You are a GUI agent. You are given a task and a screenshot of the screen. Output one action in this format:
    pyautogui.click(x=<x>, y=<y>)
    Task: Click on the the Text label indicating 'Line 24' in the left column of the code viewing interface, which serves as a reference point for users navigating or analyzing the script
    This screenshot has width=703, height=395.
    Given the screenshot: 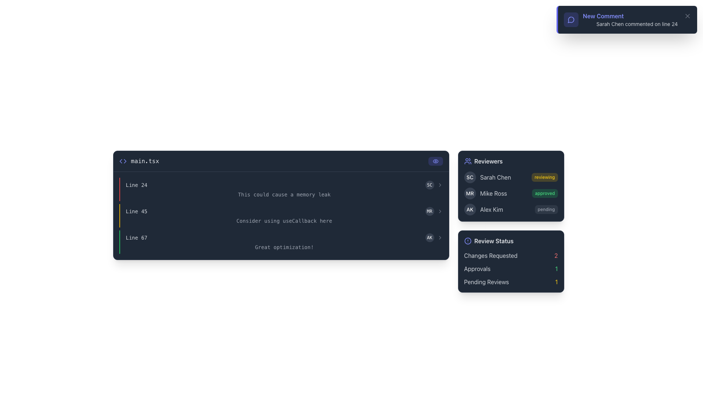 What is the action you would take?
    pyautogui.click(x=137, y=184)
    